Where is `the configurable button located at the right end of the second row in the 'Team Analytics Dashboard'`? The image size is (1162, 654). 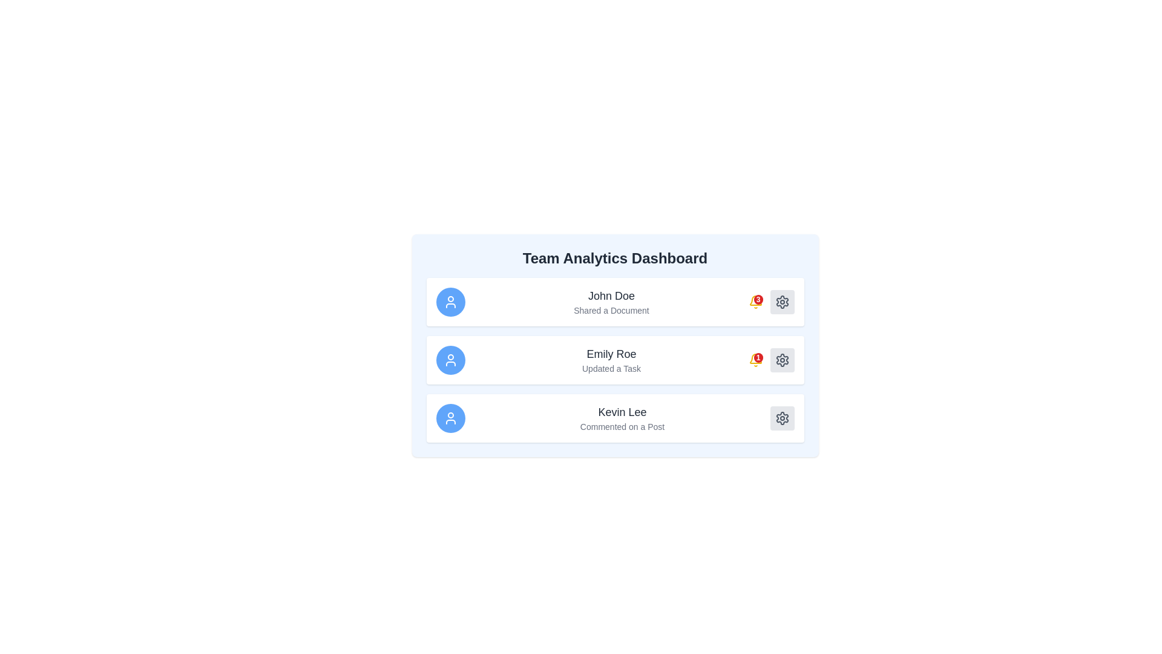
the configurable button located at the right end of the second row in the 'Team Analytics Dashboard' is located at coordinates (782, 359).